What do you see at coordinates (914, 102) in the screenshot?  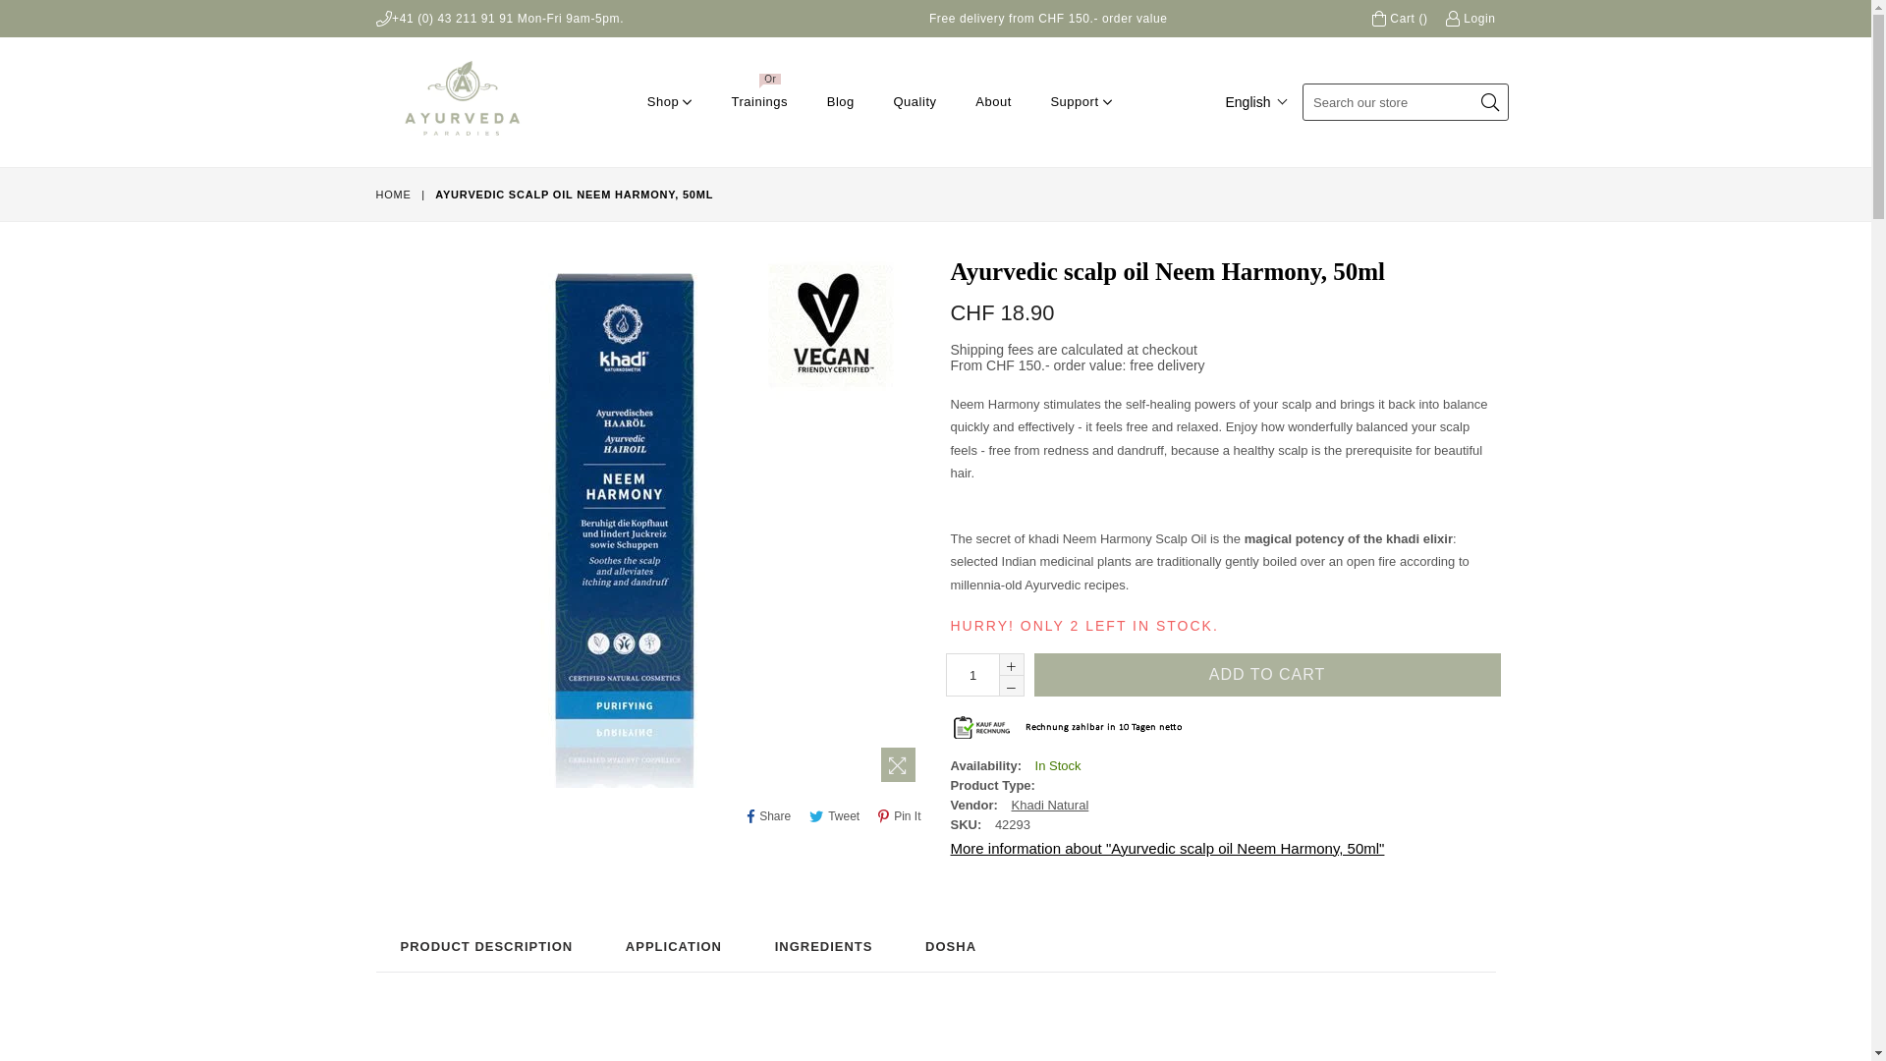 I see `'Quality'` at bounding box center [914, 102].